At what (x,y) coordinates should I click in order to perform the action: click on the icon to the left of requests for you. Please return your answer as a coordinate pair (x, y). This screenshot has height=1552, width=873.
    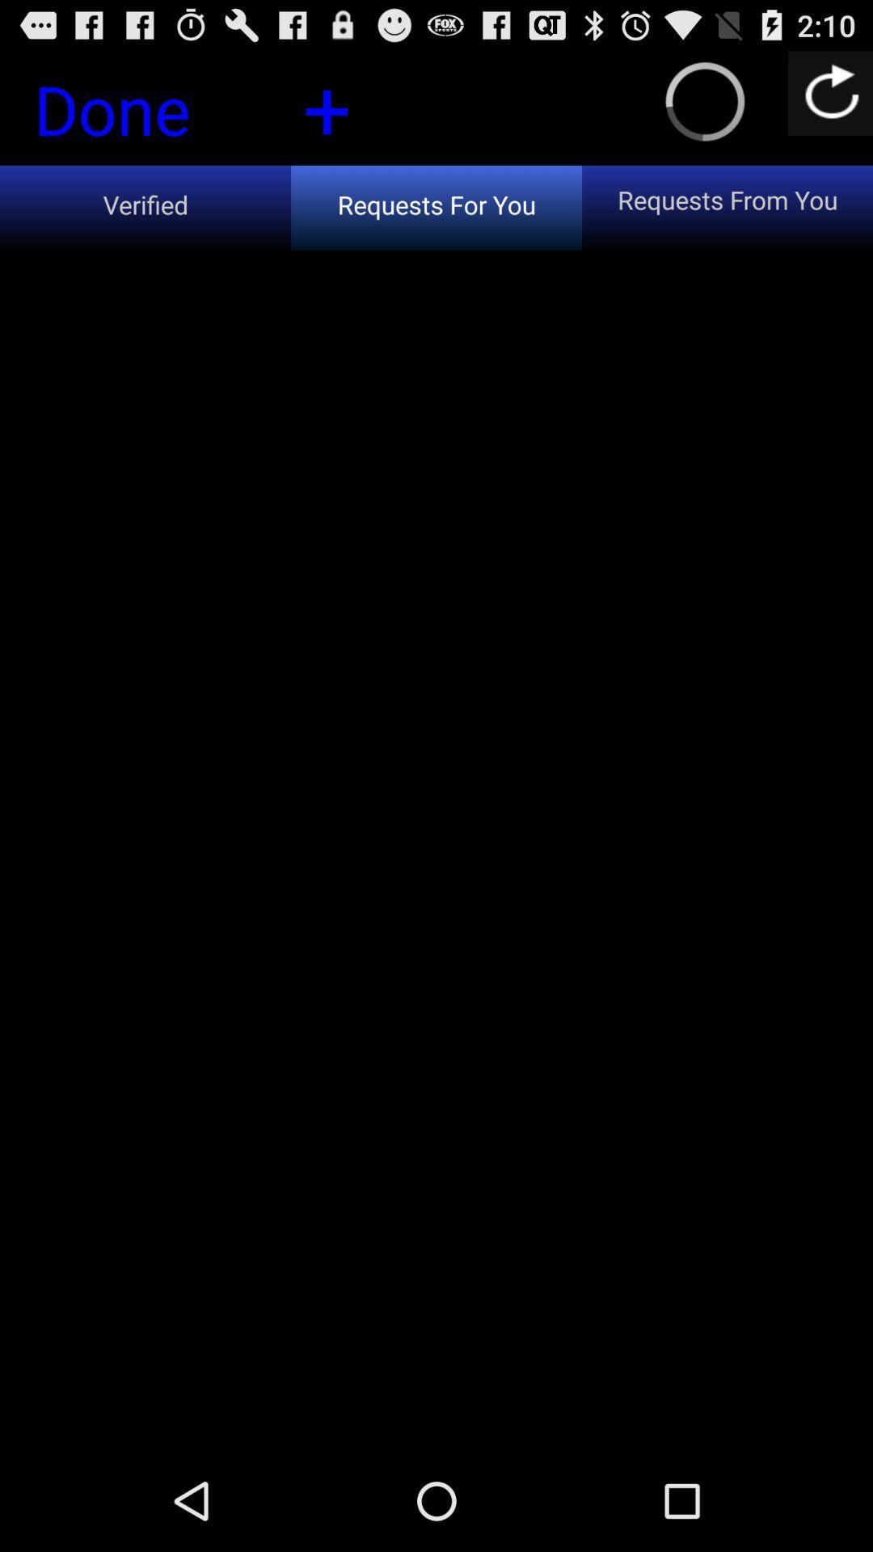
    Looking at the image, I should click on (145, 207).